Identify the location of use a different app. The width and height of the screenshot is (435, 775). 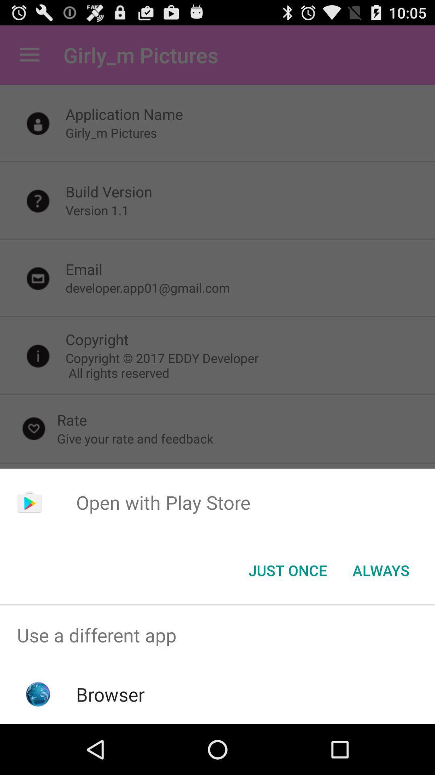
(217, 635).